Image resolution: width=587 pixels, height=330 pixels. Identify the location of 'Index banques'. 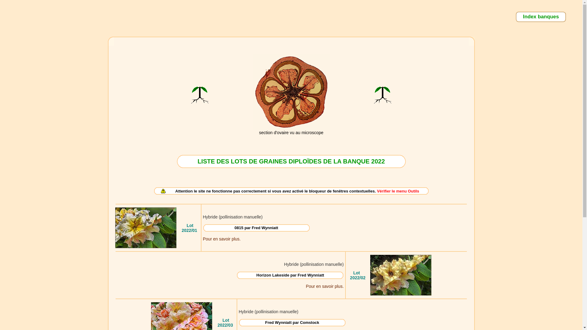
(541, 16).